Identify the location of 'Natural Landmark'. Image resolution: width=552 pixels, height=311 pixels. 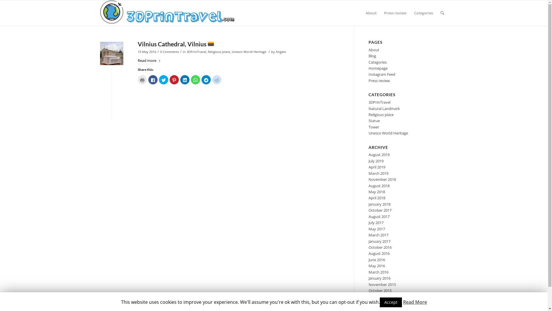
(384, 109).